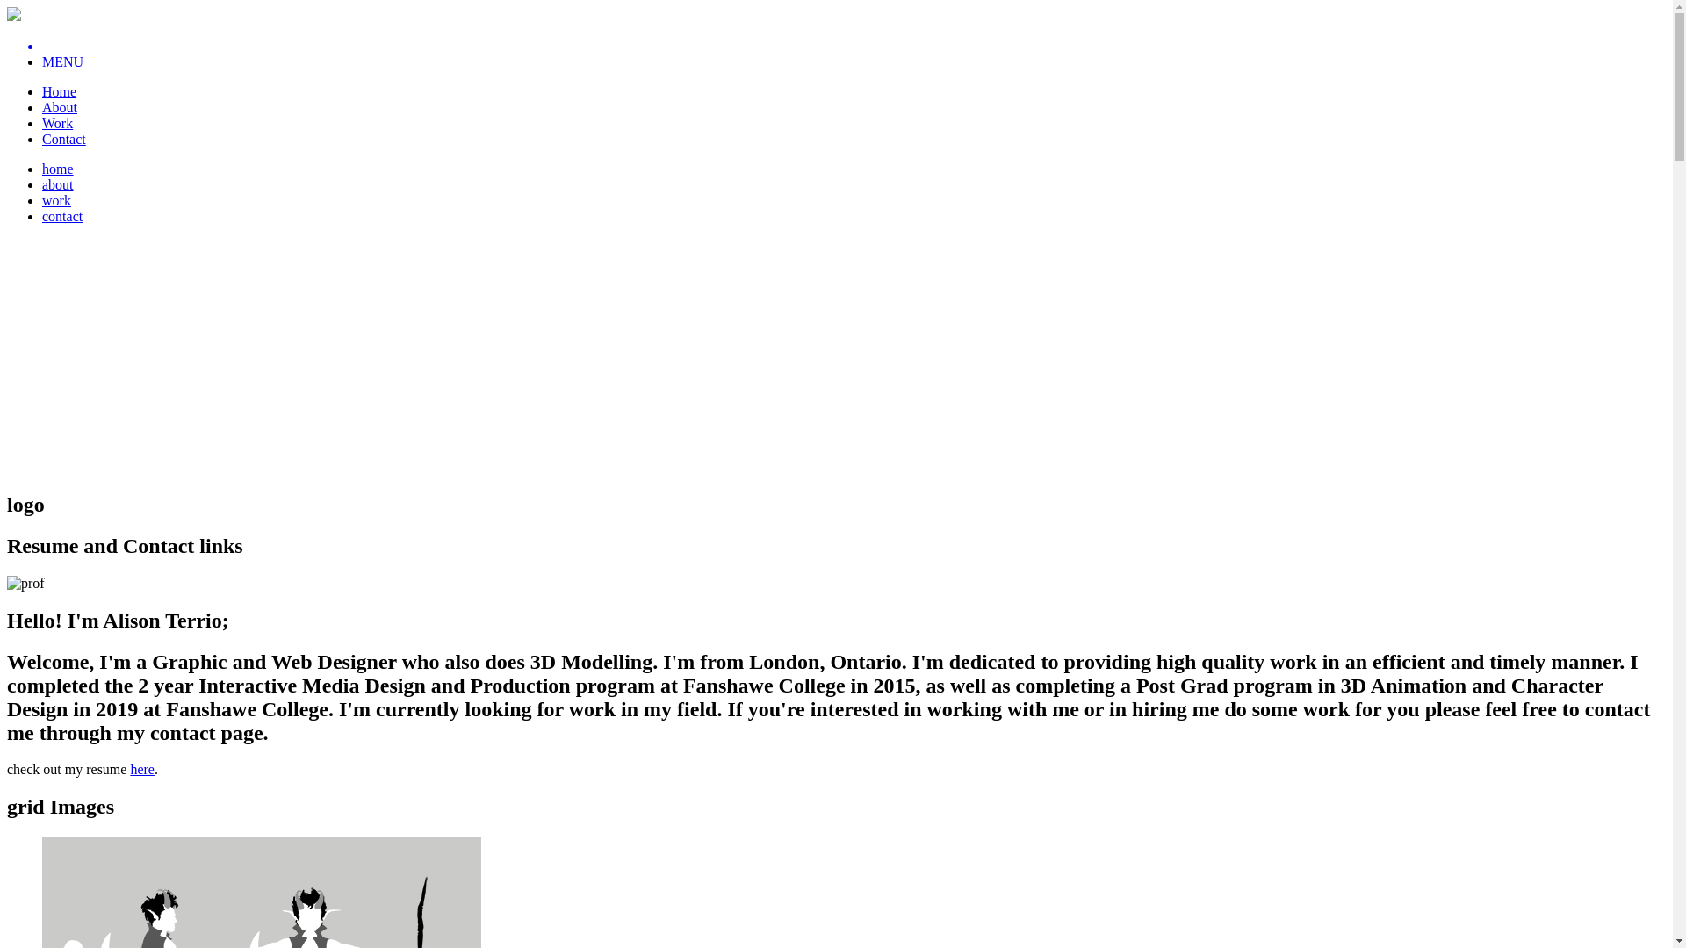  What do you see at coordinates (59, 107) in the screenshot?
I see `'About'` at bounding box center [59, 107].